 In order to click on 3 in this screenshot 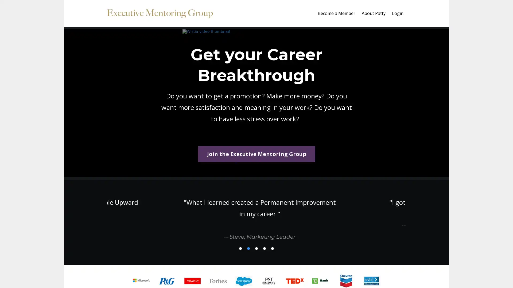, I will do `click(256, 236)`.